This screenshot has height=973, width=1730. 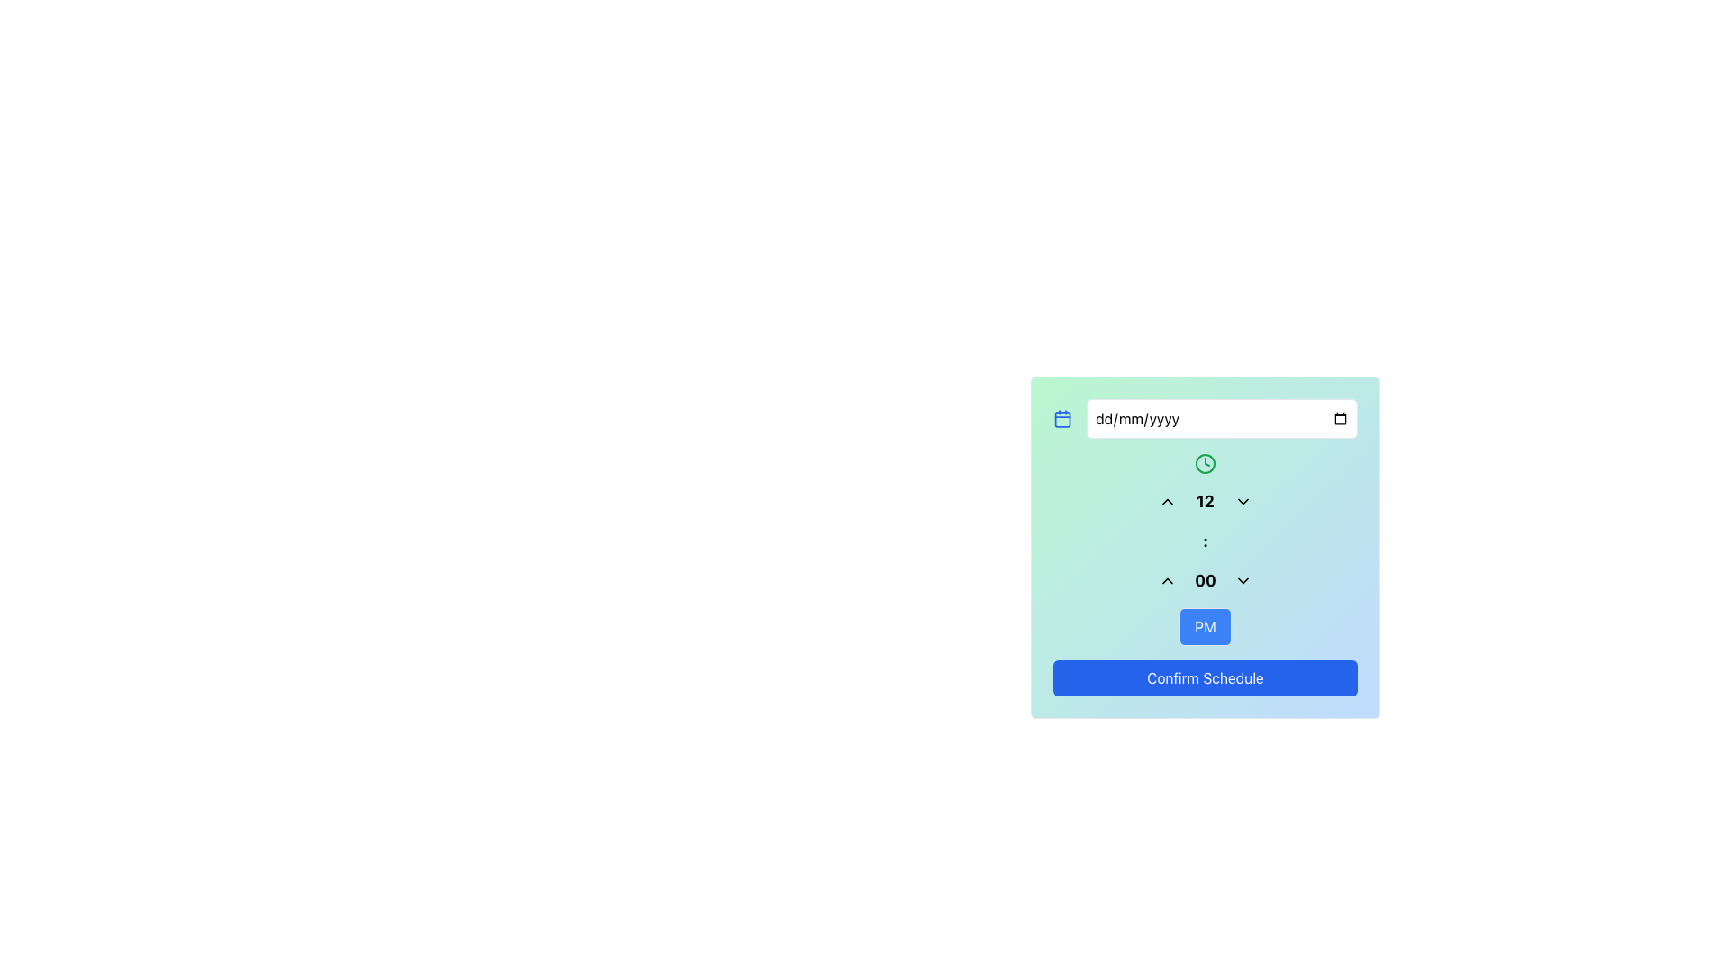 What do you see at coordinates (1206, 677) in the screenshot?
I see `the confirm scheduling button located at the bottom-center of a card with a gradient background transitioning from green to blue` at bounding box center [1206, 677].